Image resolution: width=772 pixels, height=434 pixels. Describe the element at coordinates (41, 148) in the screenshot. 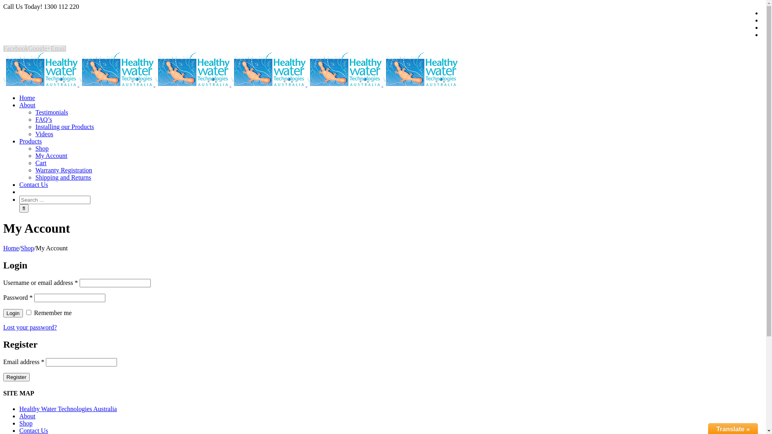

I see `'Shop'` at that location.